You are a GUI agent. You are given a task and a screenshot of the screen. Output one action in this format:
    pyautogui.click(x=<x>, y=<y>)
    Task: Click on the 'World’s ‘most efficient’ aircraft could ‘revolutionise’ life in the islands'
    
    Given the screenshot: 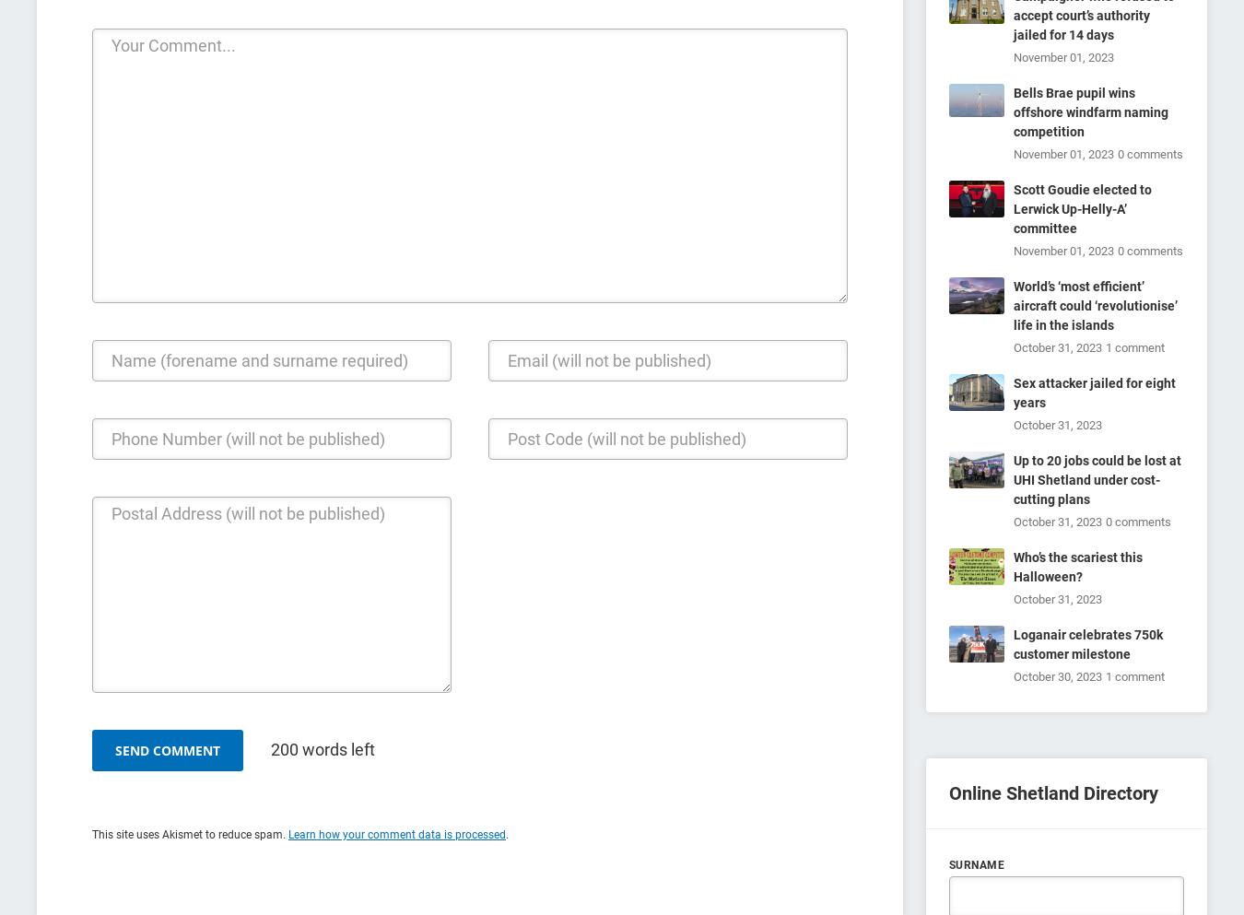 What is the action you would take?
    pyautogui.click(x=1094, y=304)
    